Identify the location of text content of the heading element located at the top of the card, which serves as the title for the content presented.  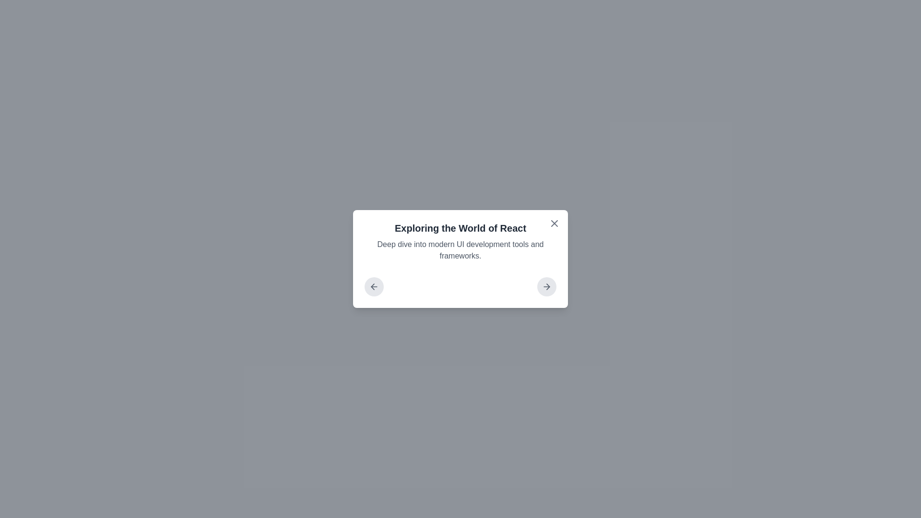
(460, 228).